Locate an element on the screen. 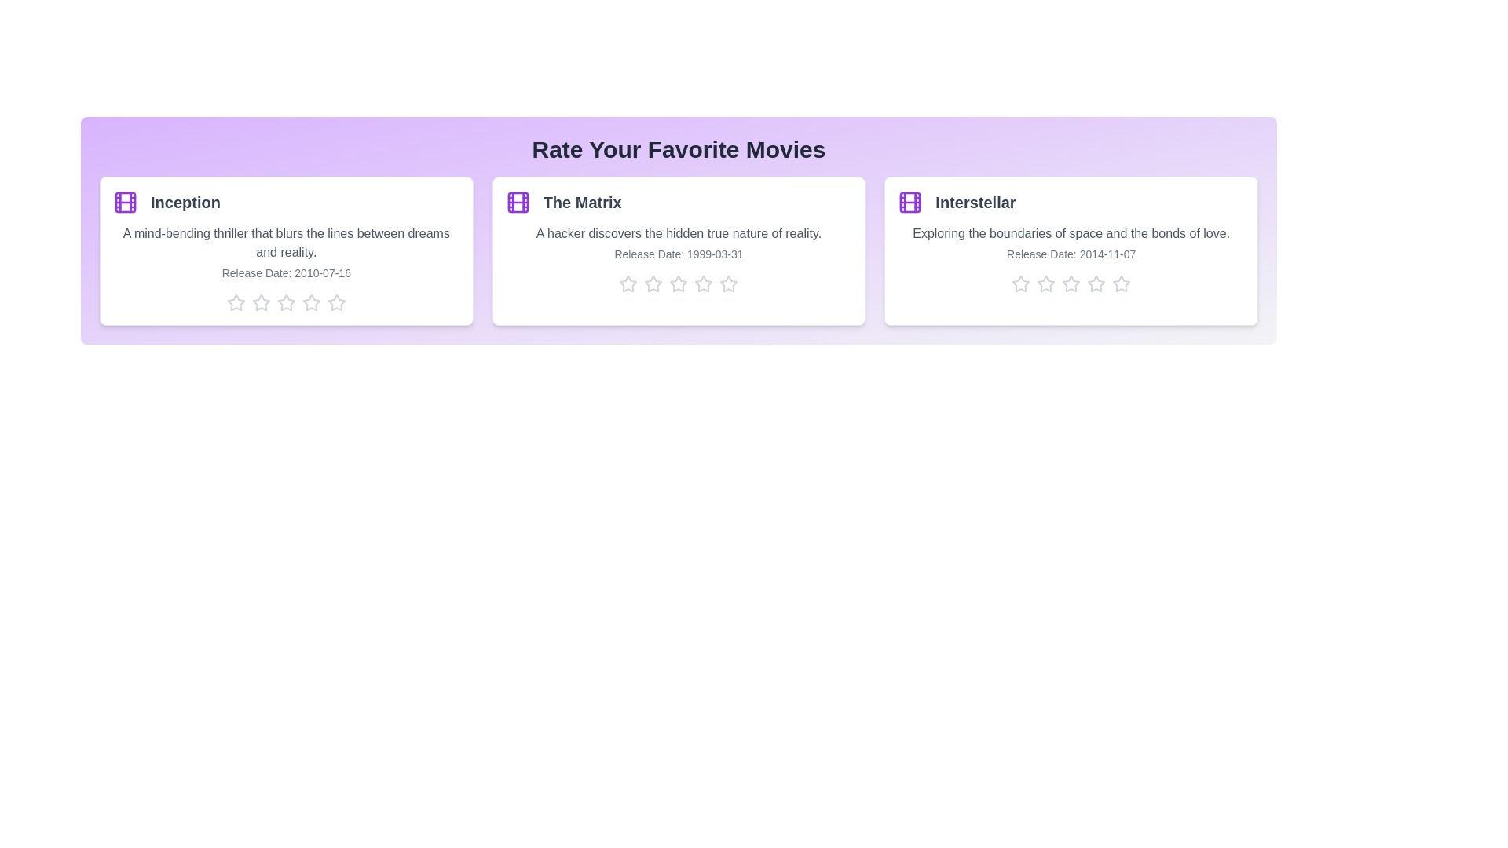 The height and width of the screenshot is (848, 1508). the star corresponding to 2 stars for the movie The Matrix is located at coordinates (653, 284).